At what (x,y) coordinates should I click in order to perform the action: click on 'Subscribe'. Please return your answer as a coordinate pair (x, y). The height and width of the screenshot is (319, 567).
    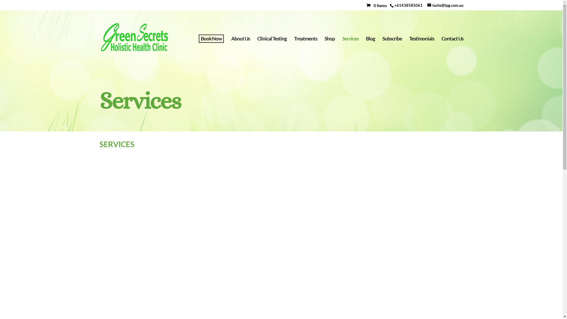
    Looking at the image, I should click on (392, 51).